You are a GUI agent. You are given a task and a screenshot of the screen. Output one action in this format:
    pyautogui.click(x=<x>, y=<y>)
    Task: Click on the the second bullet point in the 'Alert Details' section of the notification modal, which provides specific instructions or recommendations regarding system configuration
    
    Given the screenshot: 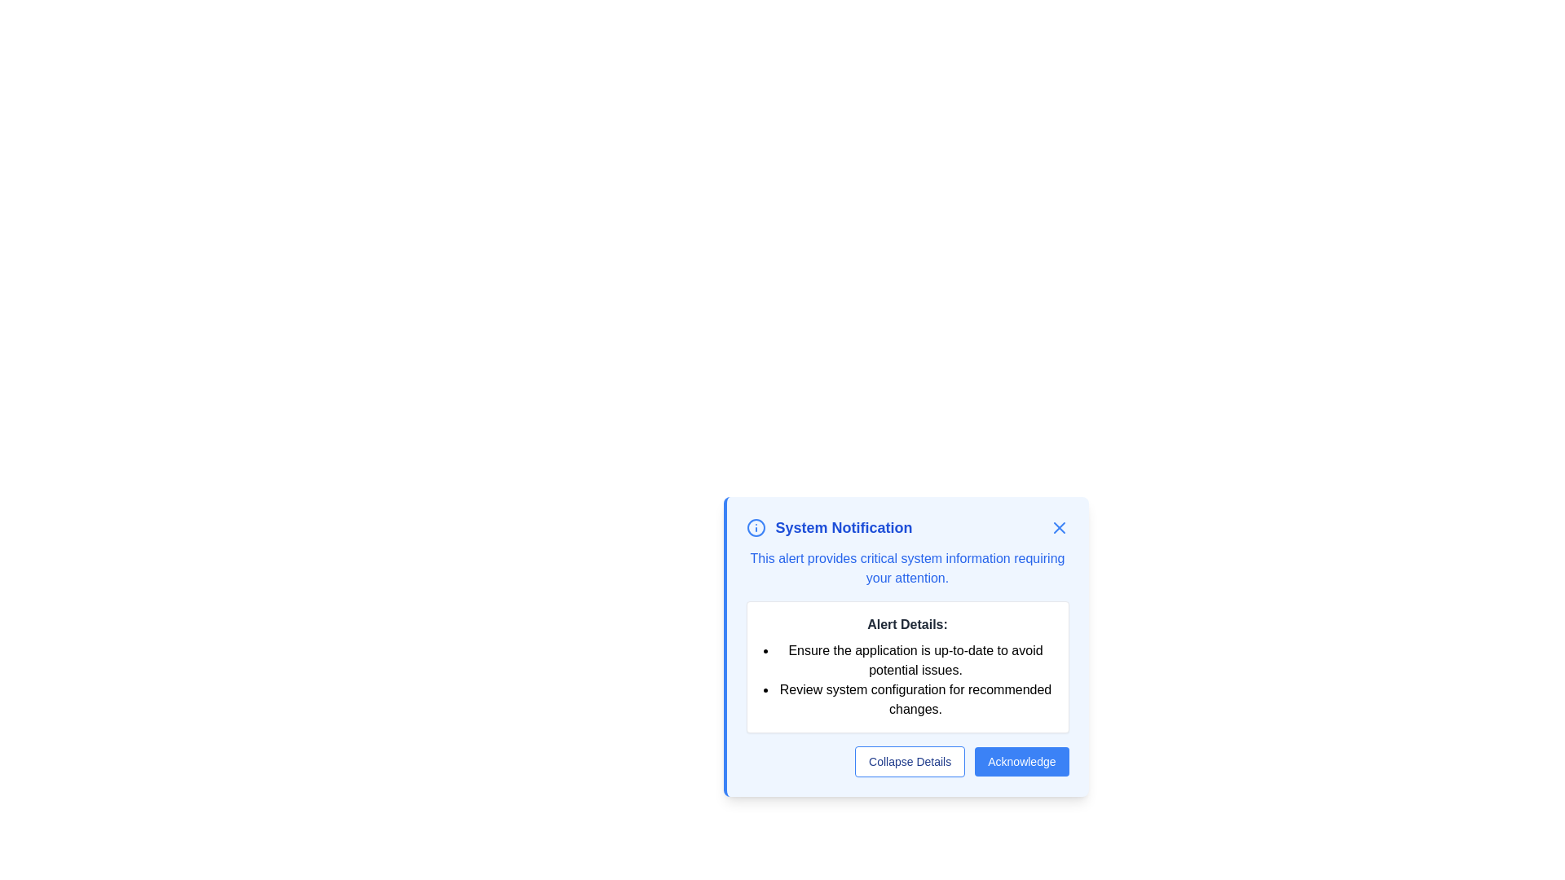 What is the action you would take?
    pyautogui.click(x=915, y=699)
    